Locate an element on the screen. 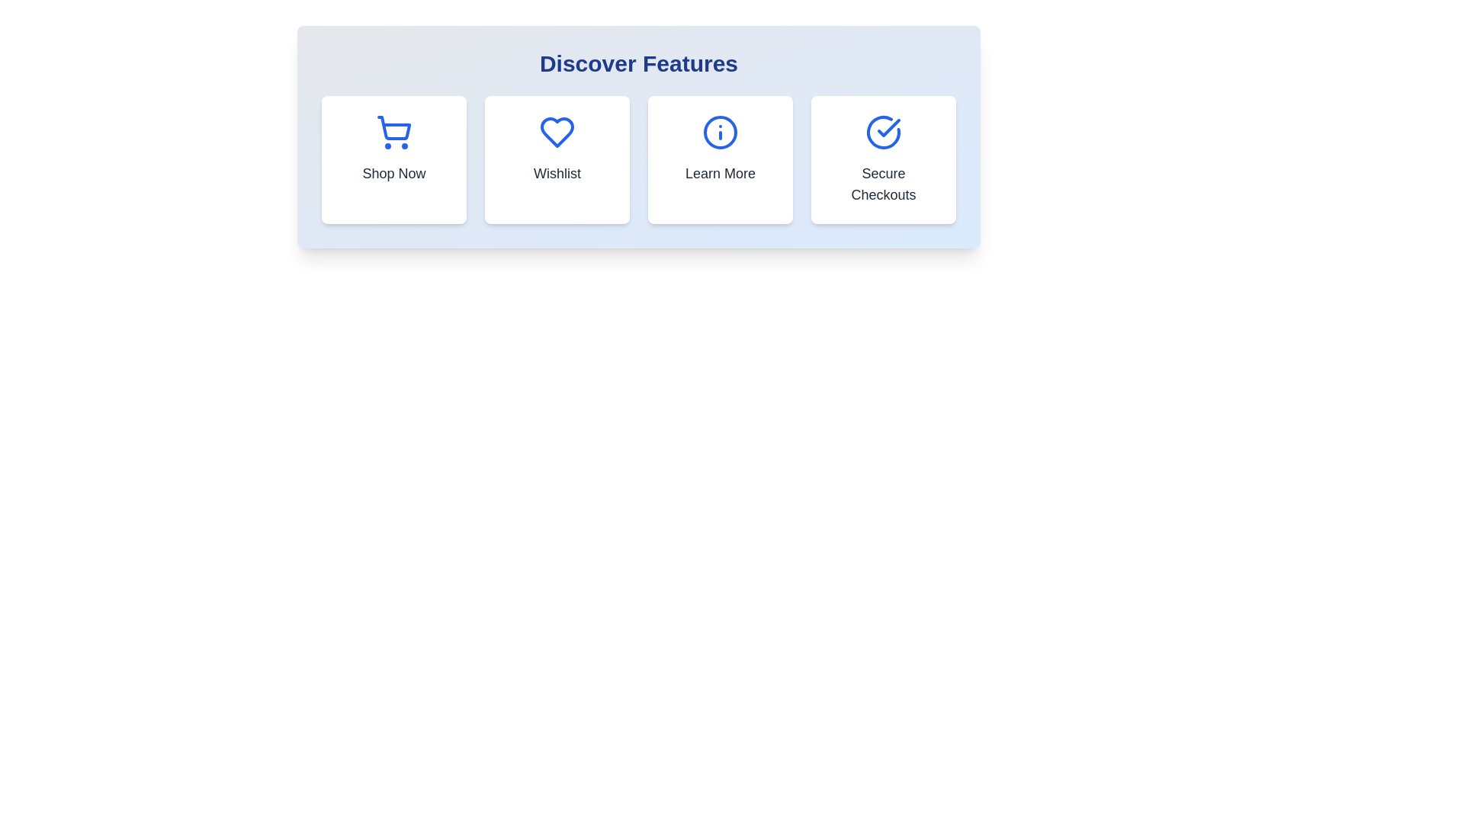 The width and height of the screenshot is (1464, 823). the 'Wishlist' text label, which is located below the heart-shaped icon and is the second card from the left in a row of feature cards is located at coordinates (556, 172).